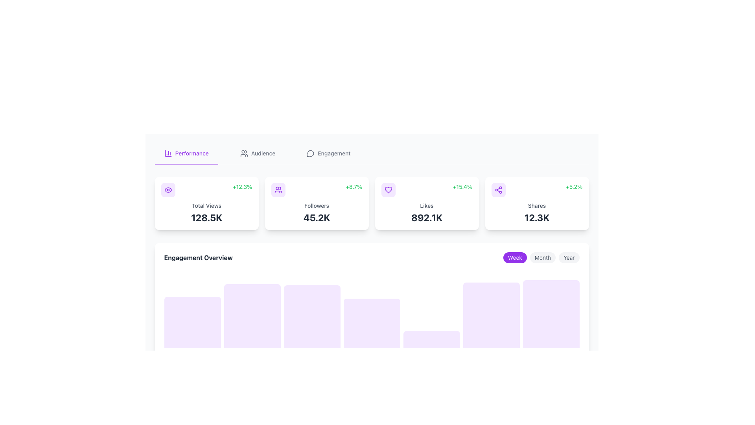  What do you see at coordinates (371, 323) in the screenshot?
I see `the Visual Card located in the fourth position from the left within a row of seven components on the dashboard` at bounding box center [371, 323].